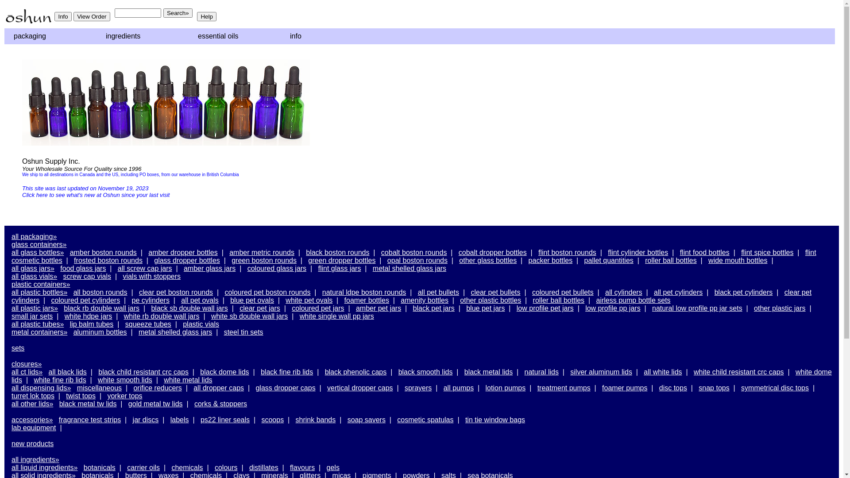 The image size is (850, 478). I want to click on 'flint food bottles', so click(704, 252).